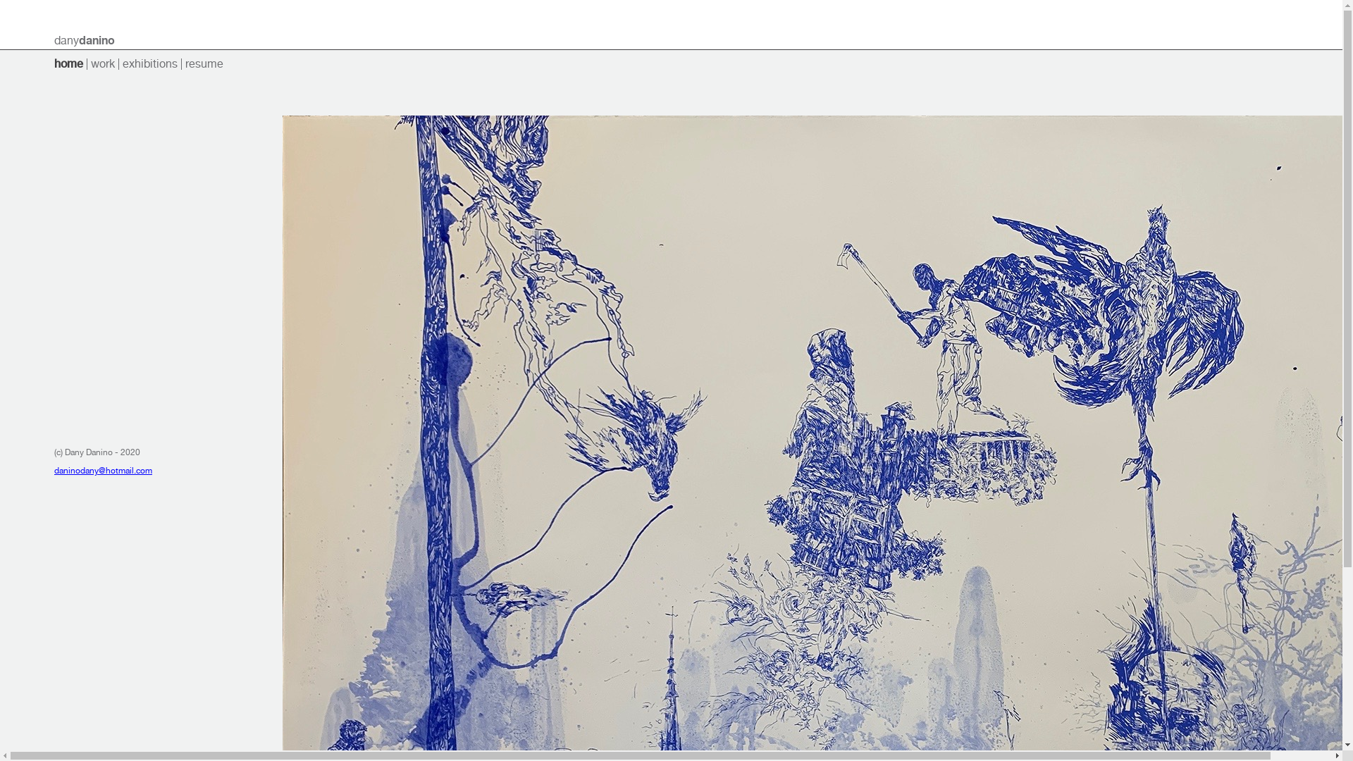 This screenshot has height=761, width=1353. What do you see at coordinates (203, 63) in the screenshot?
I see `'resume'` at bounding box center [203, 63].